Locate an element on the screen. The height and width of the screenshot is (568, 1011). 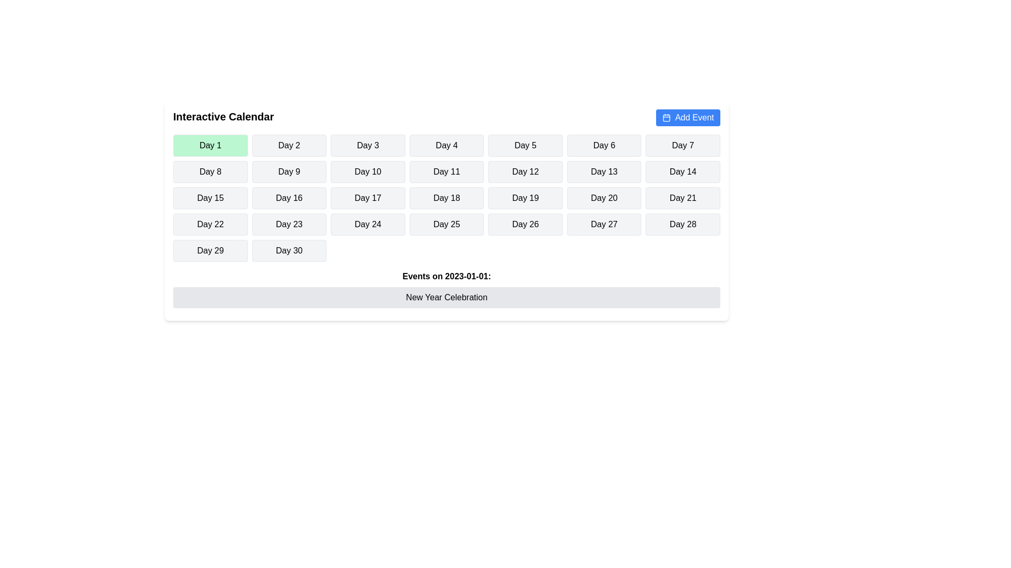
the button representing the 24th day in the calendar is located at coordinates (368, 224).